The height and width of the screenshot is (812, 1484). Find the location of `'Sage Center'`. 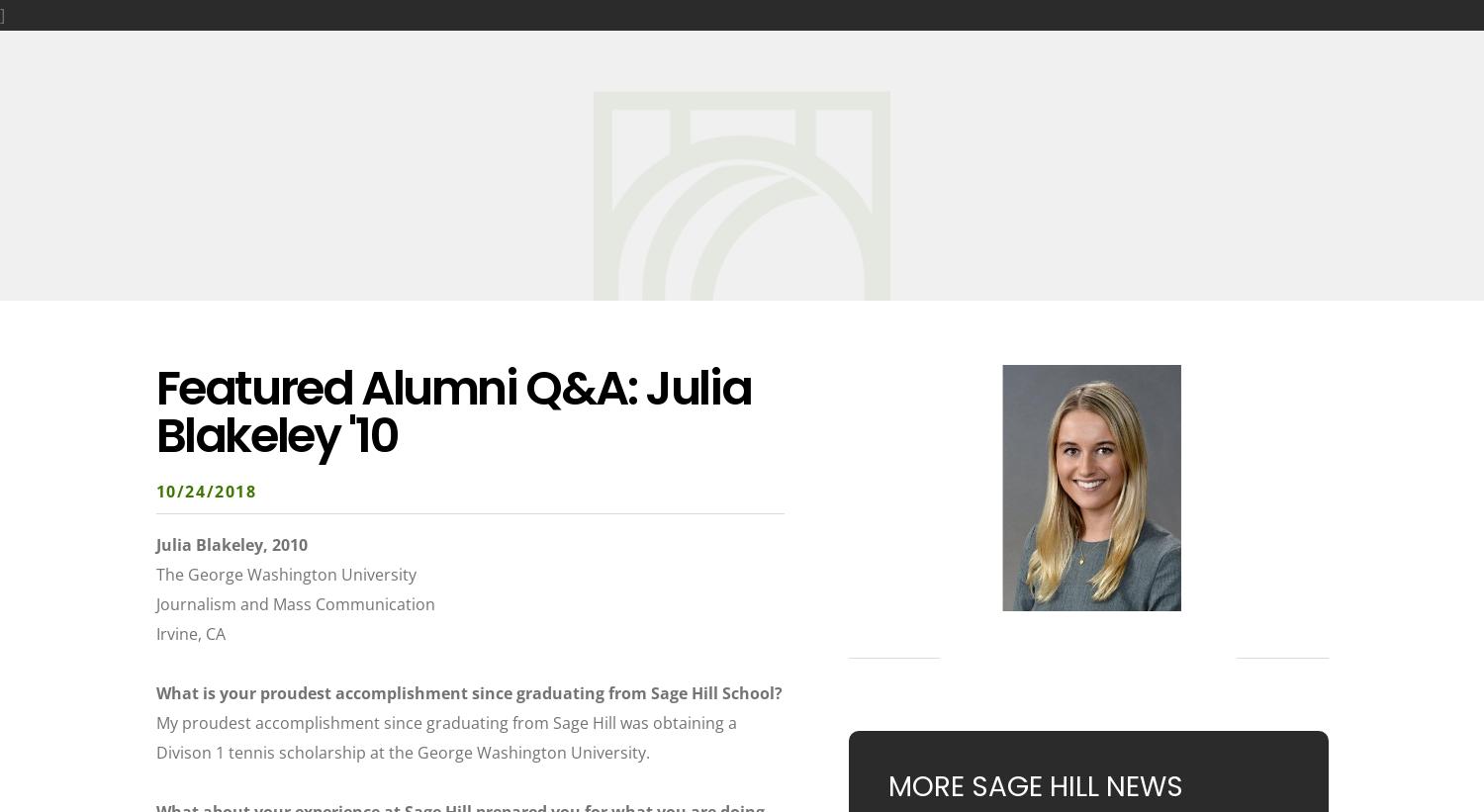

'Sage Center' is located at coordinates (940, 42).